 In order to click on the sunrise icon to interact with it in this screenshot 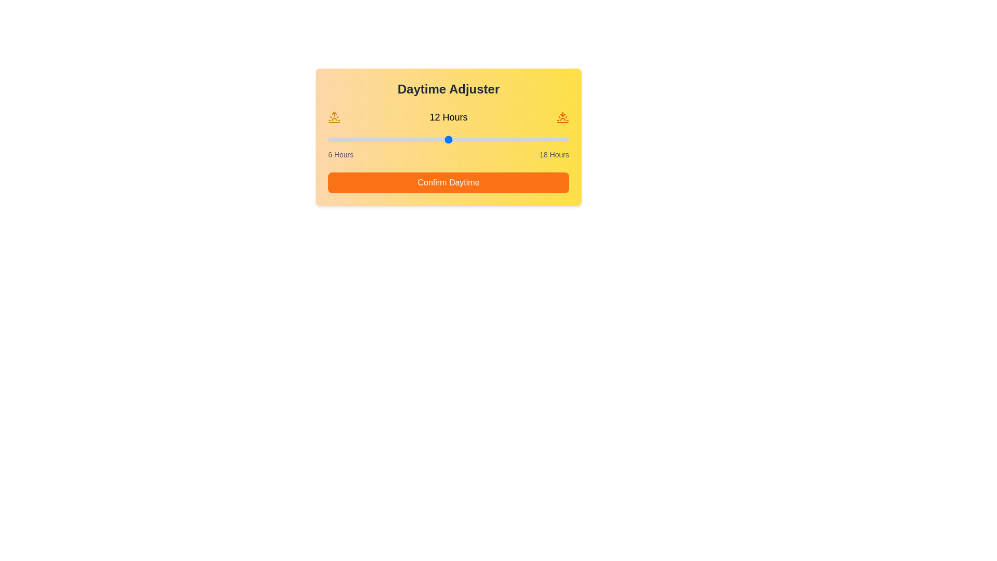, I will do `click(334, 117)`.